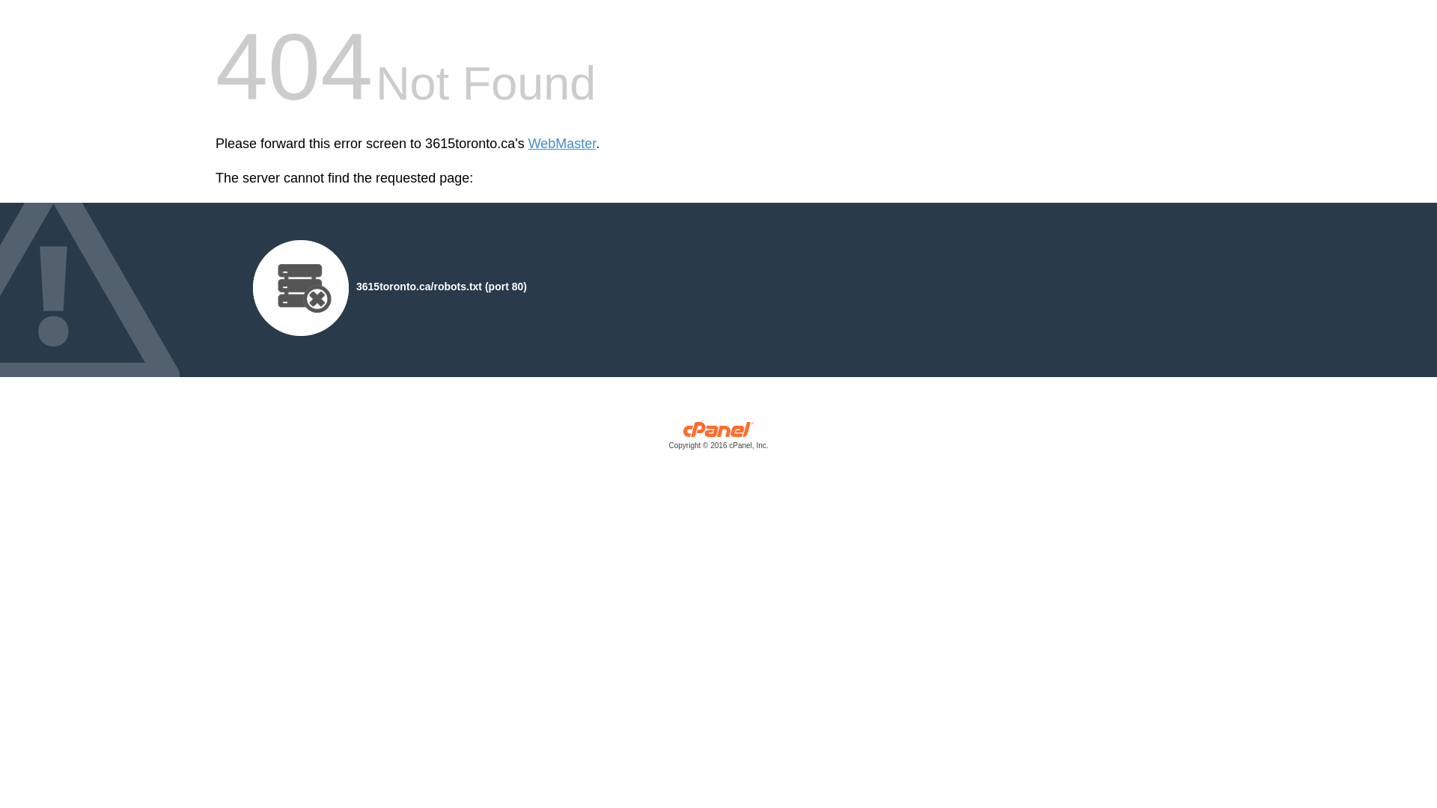 The image size is (1437, 808). I want to click on 'WebMaster', so click(561, 144).